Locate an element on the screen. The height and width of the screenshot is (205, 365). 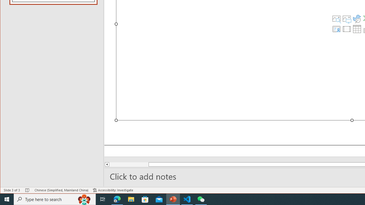
'Pictures' is located at coordinates (346, 18).